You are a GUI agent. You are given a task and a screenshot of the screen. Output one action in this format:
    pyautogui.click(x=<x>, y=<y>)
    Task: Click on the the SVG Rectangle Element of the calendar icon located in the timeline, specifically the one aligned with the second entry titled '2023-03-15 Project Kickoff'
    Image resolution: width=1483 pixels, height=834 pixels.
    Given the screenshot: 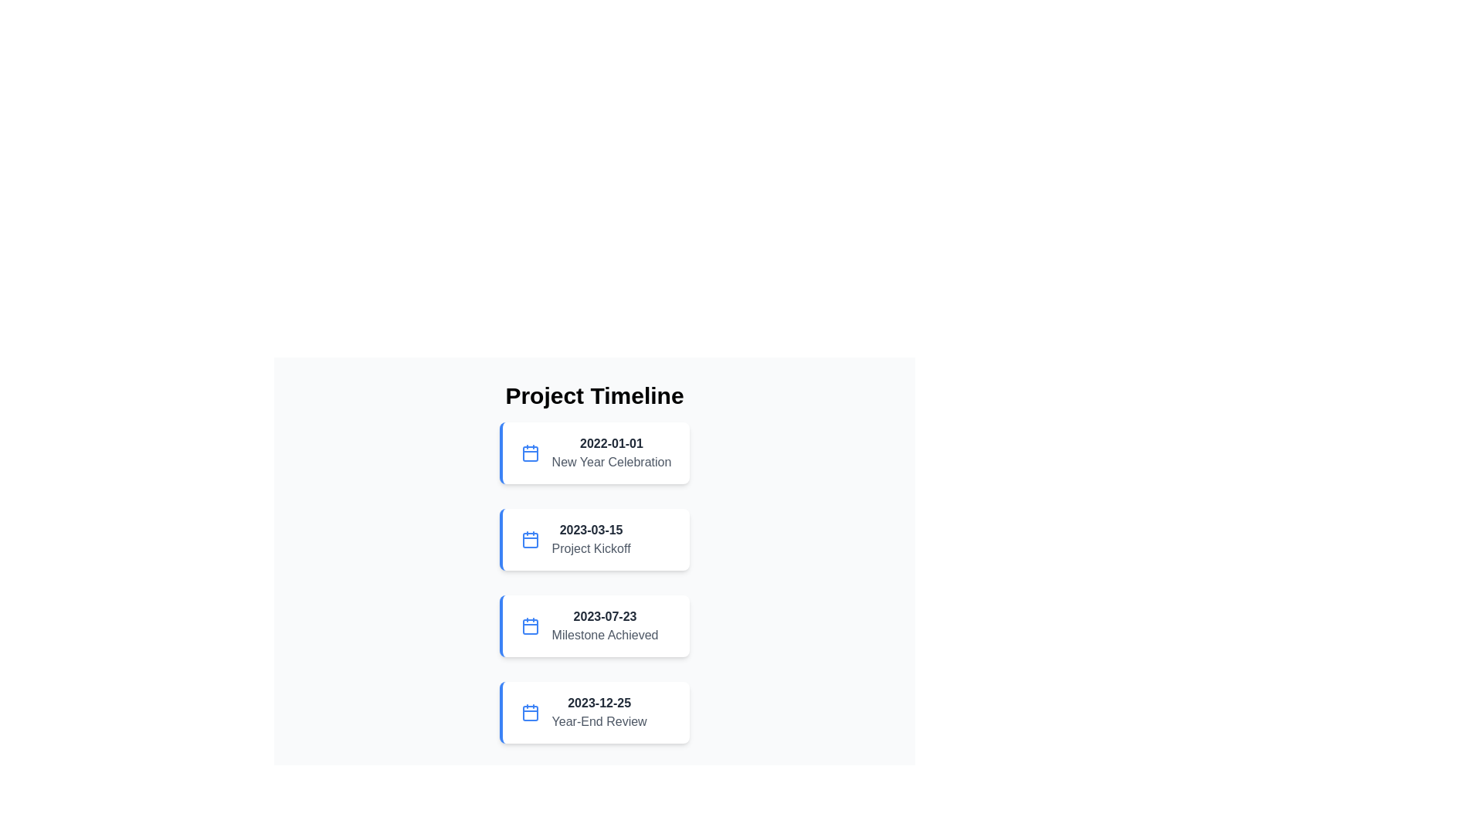 What is the action you would take?
    pyautogui.click(x=530, y=539)
    